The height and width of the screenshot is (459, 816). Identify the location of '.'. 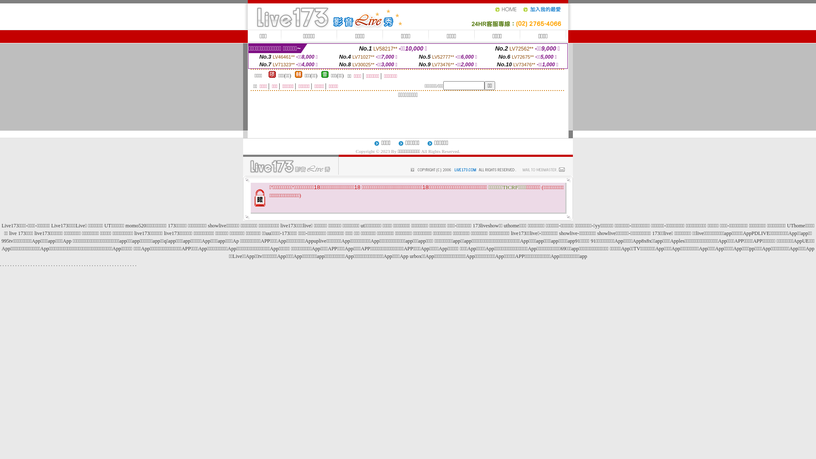
(33, 263).